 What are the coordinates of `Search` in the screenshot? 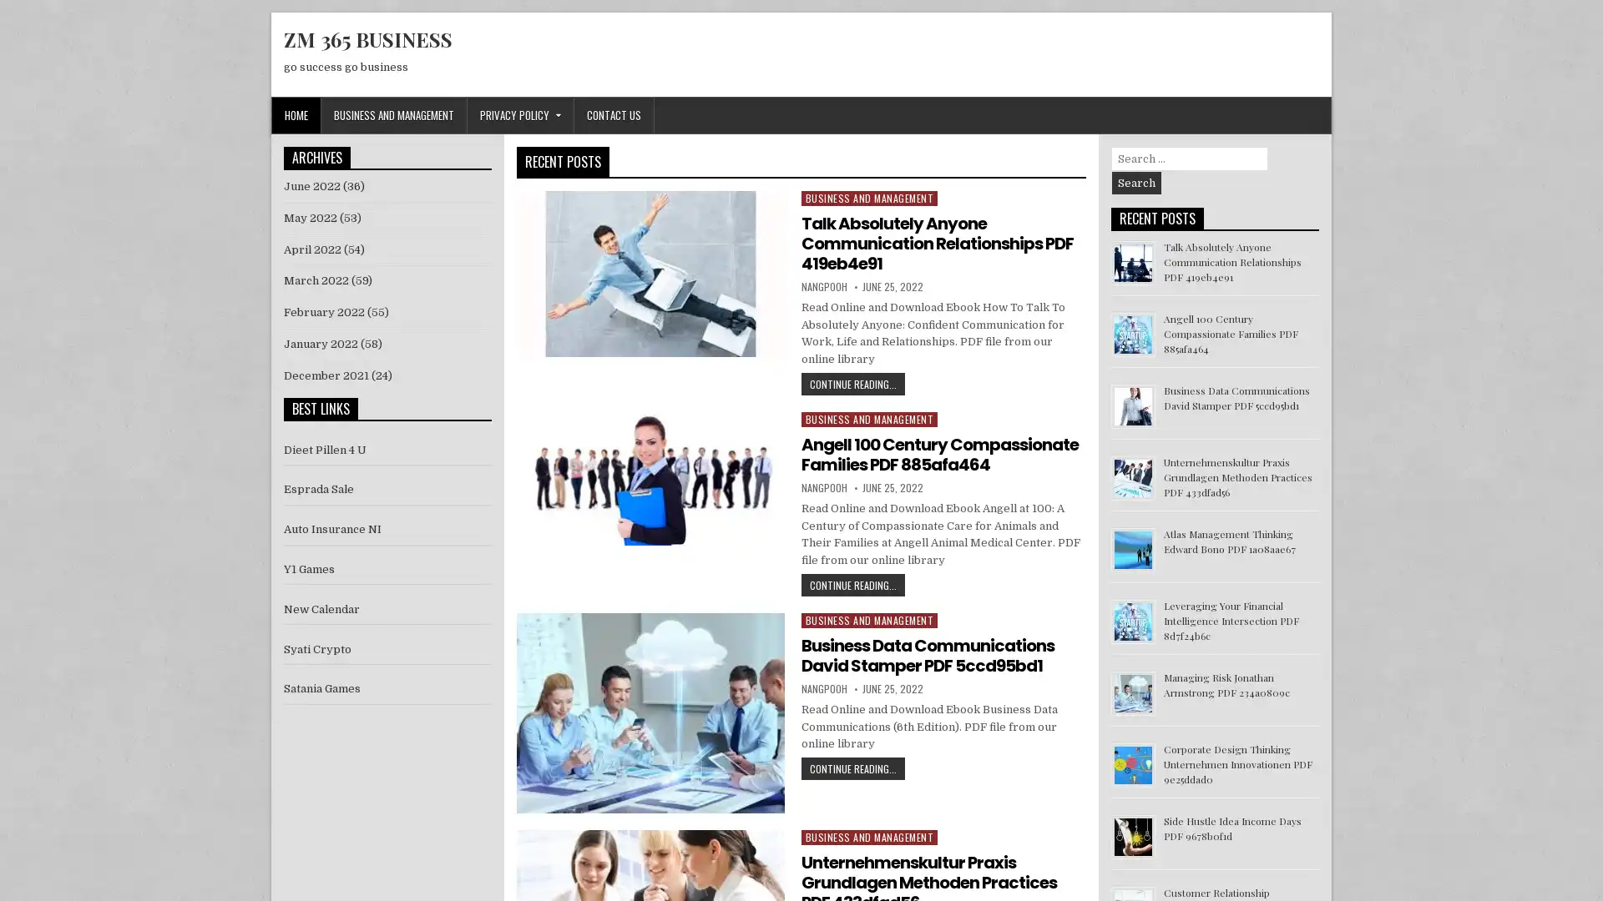 It's located at (1135, 183).